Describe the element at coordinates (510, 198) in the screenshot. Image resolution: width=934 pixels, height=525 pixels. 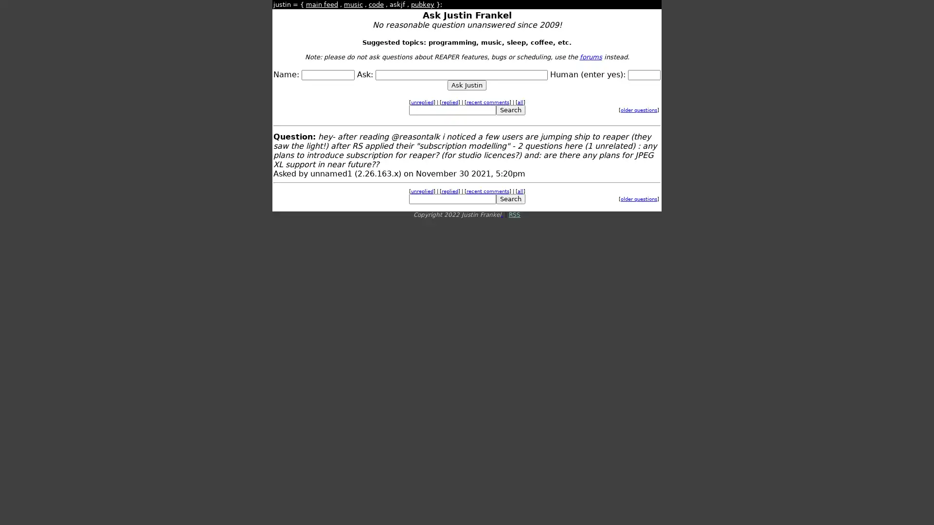
I see `Search` at that location.